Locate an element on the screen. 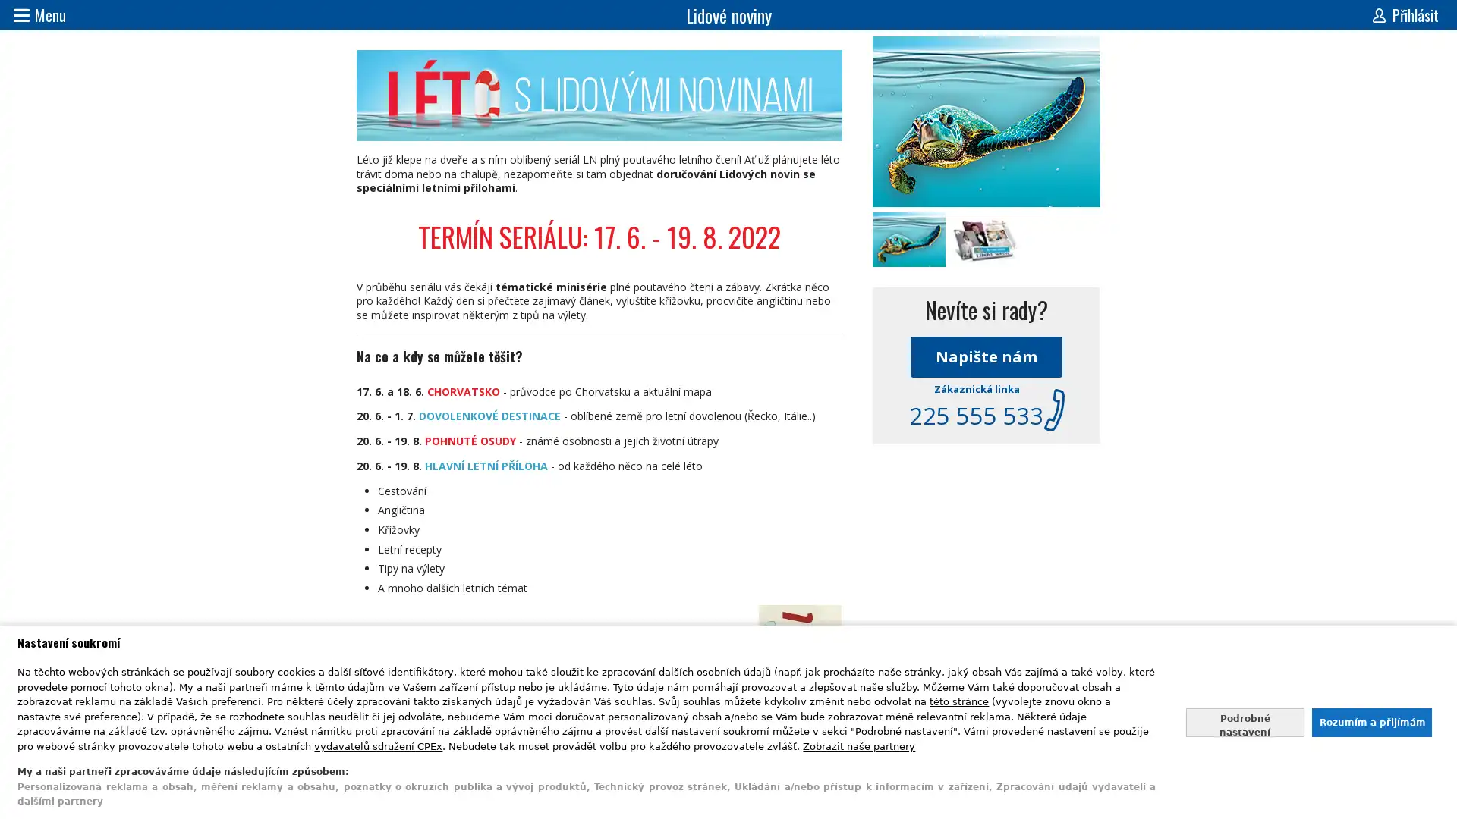  Zobrazit nase partnery is located at coordinates (859, 745).